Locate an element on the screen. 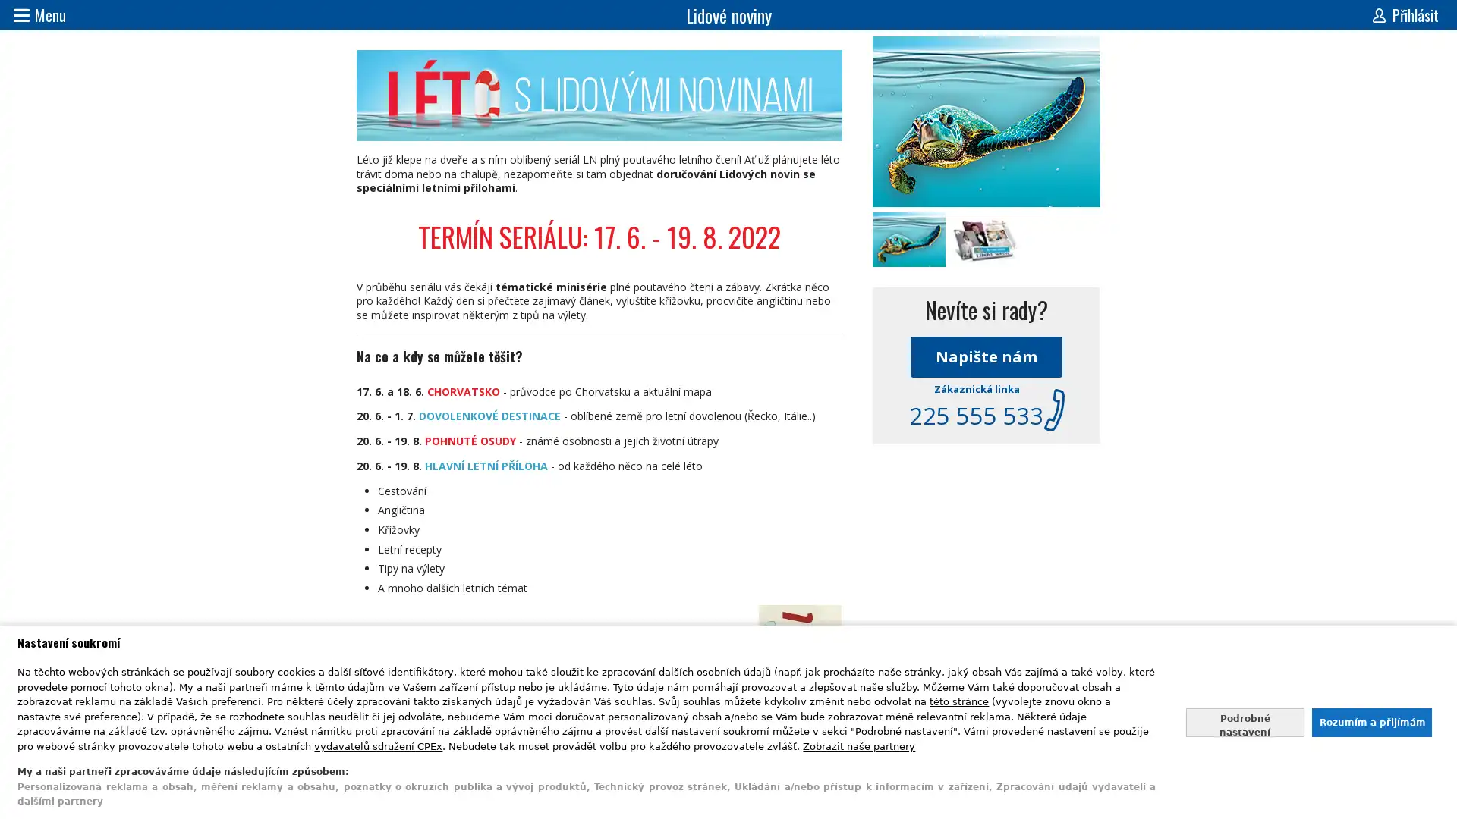  Zobrazit nase partnery is located at coordinates (859, 745).